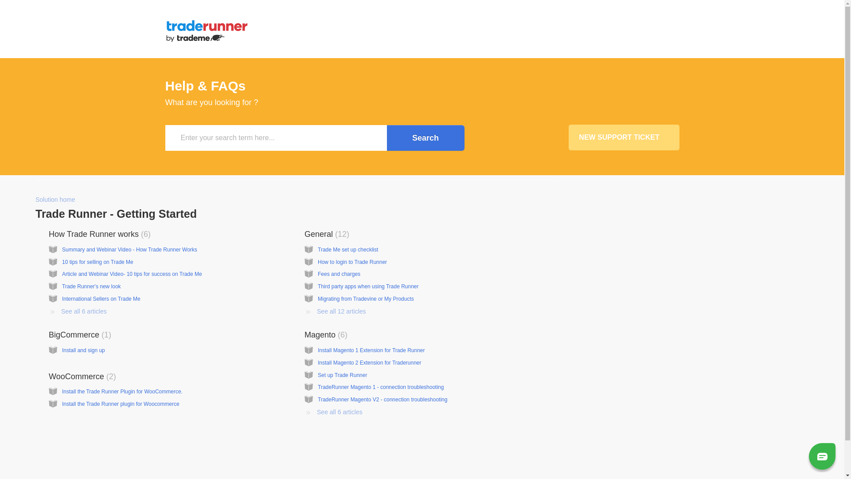  Describe the element at coordinates (61, 286) in the screenshot. I see `'Trade Runner's new look'` at that location.